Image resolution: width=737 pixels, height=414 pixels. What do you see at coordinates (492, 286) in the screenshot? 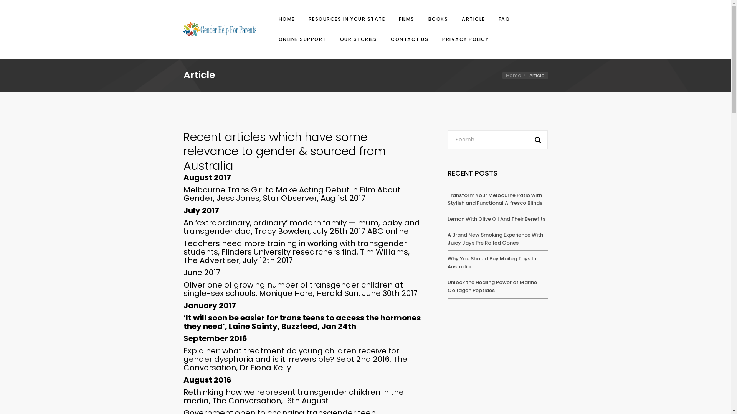
I see `'Unlock the Healing Power of Marine Collagen Peptides'` at bounding box center [492, 286].